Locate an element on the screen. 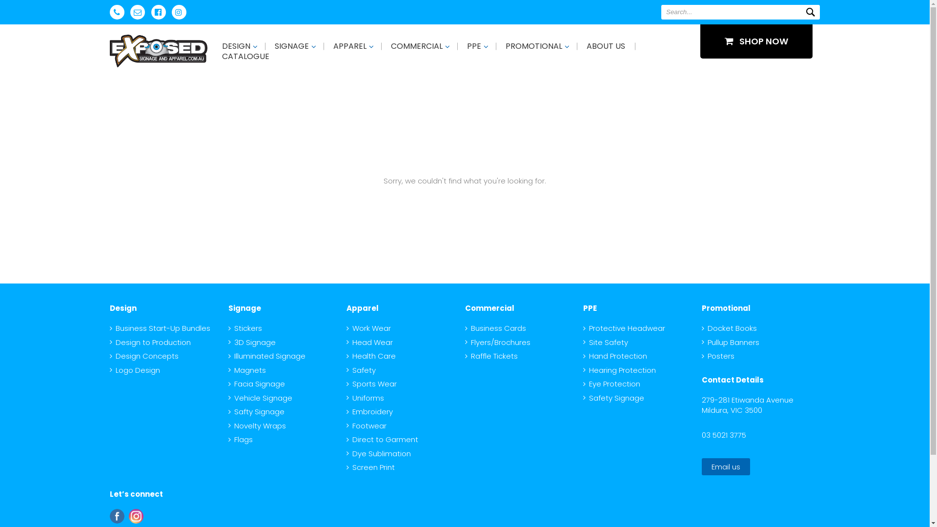  'Contact Details' is located at coordinates (733, 379).